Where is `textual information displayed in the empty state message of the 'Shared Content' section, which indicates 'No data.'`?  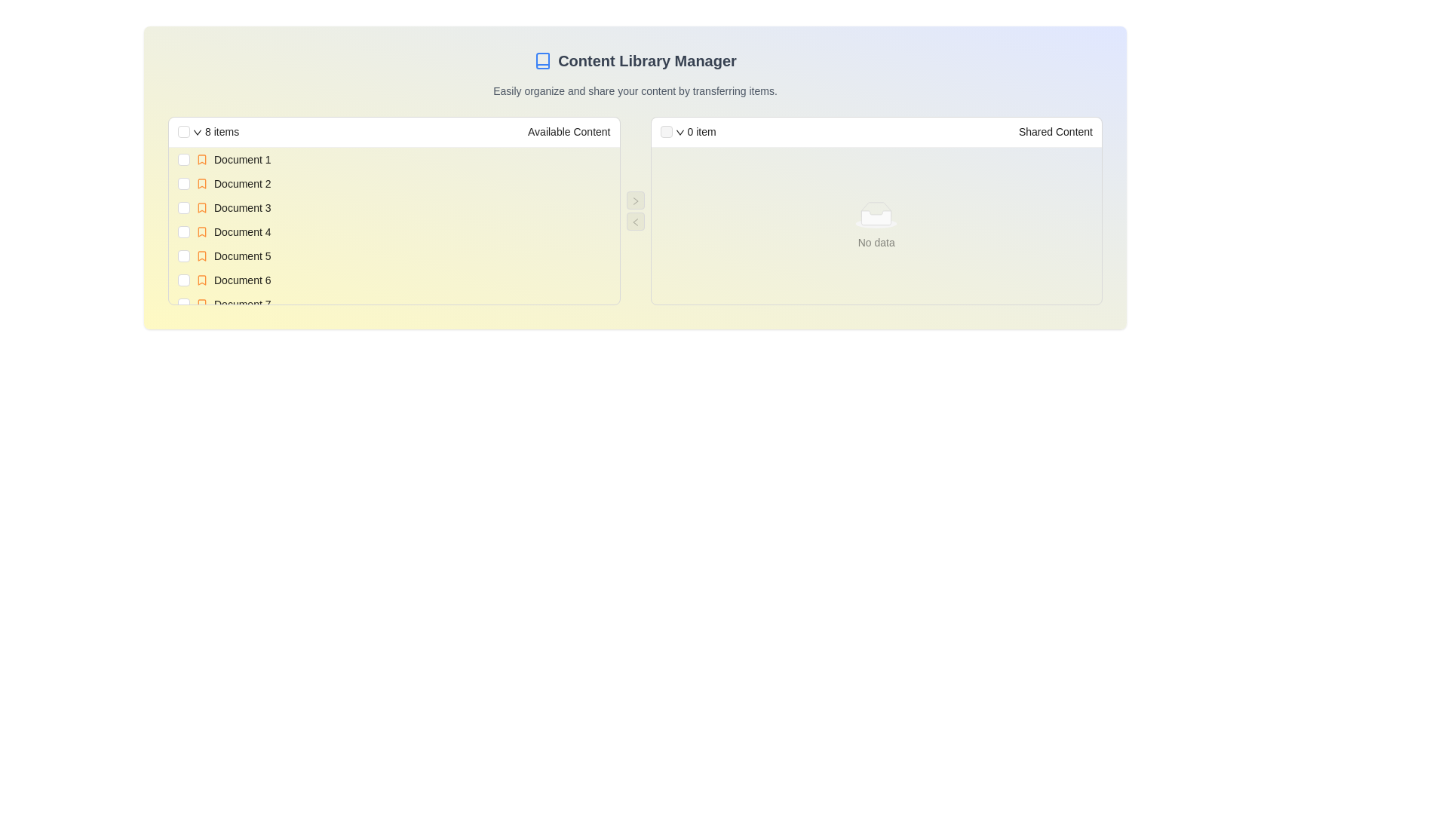
textual information displayed in the empty state message of the 'Shared Content' section, which indicates 'No data.' is located at coordinates (876, 215).